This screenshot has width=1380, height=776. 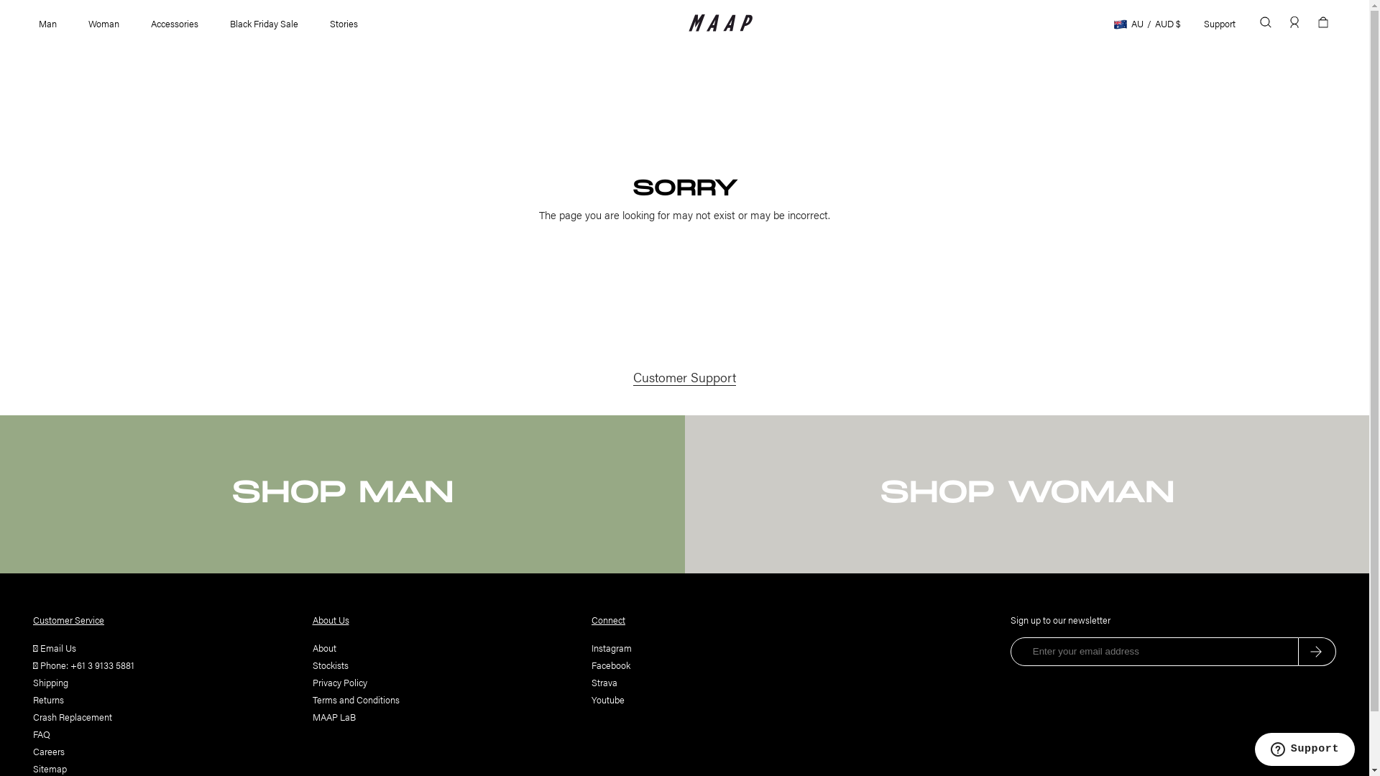 What do you see at coordinates (343, 23) in the screenshot?
I see `'Stories'` at bounding box center [343, 23].